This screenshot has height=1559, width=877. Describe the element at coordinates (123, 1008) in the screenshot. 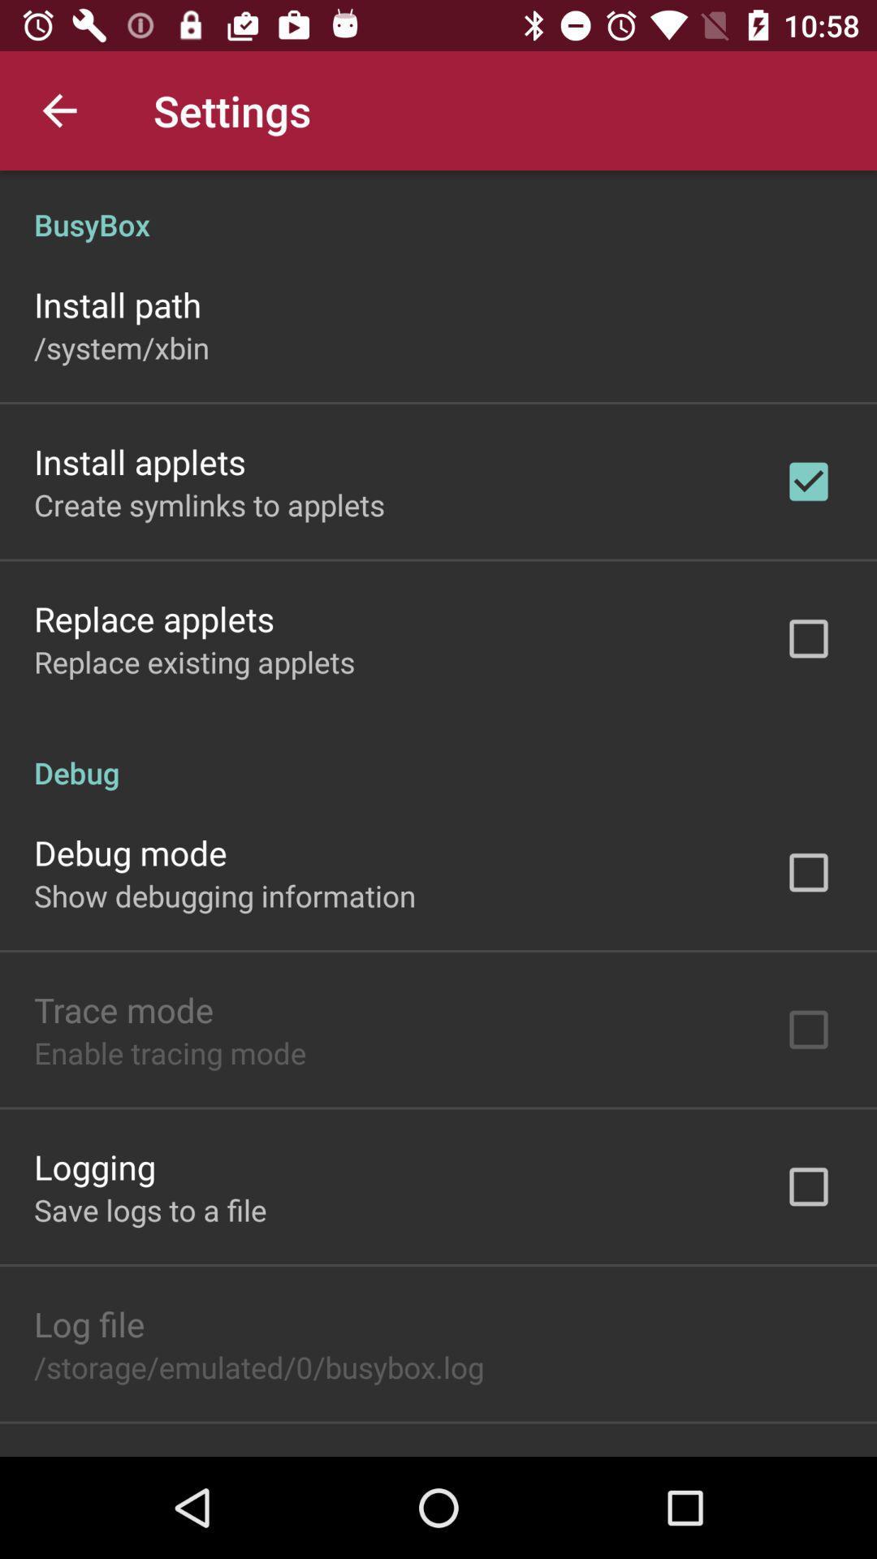

I see `icon above the enable tracing mode item` at that location.